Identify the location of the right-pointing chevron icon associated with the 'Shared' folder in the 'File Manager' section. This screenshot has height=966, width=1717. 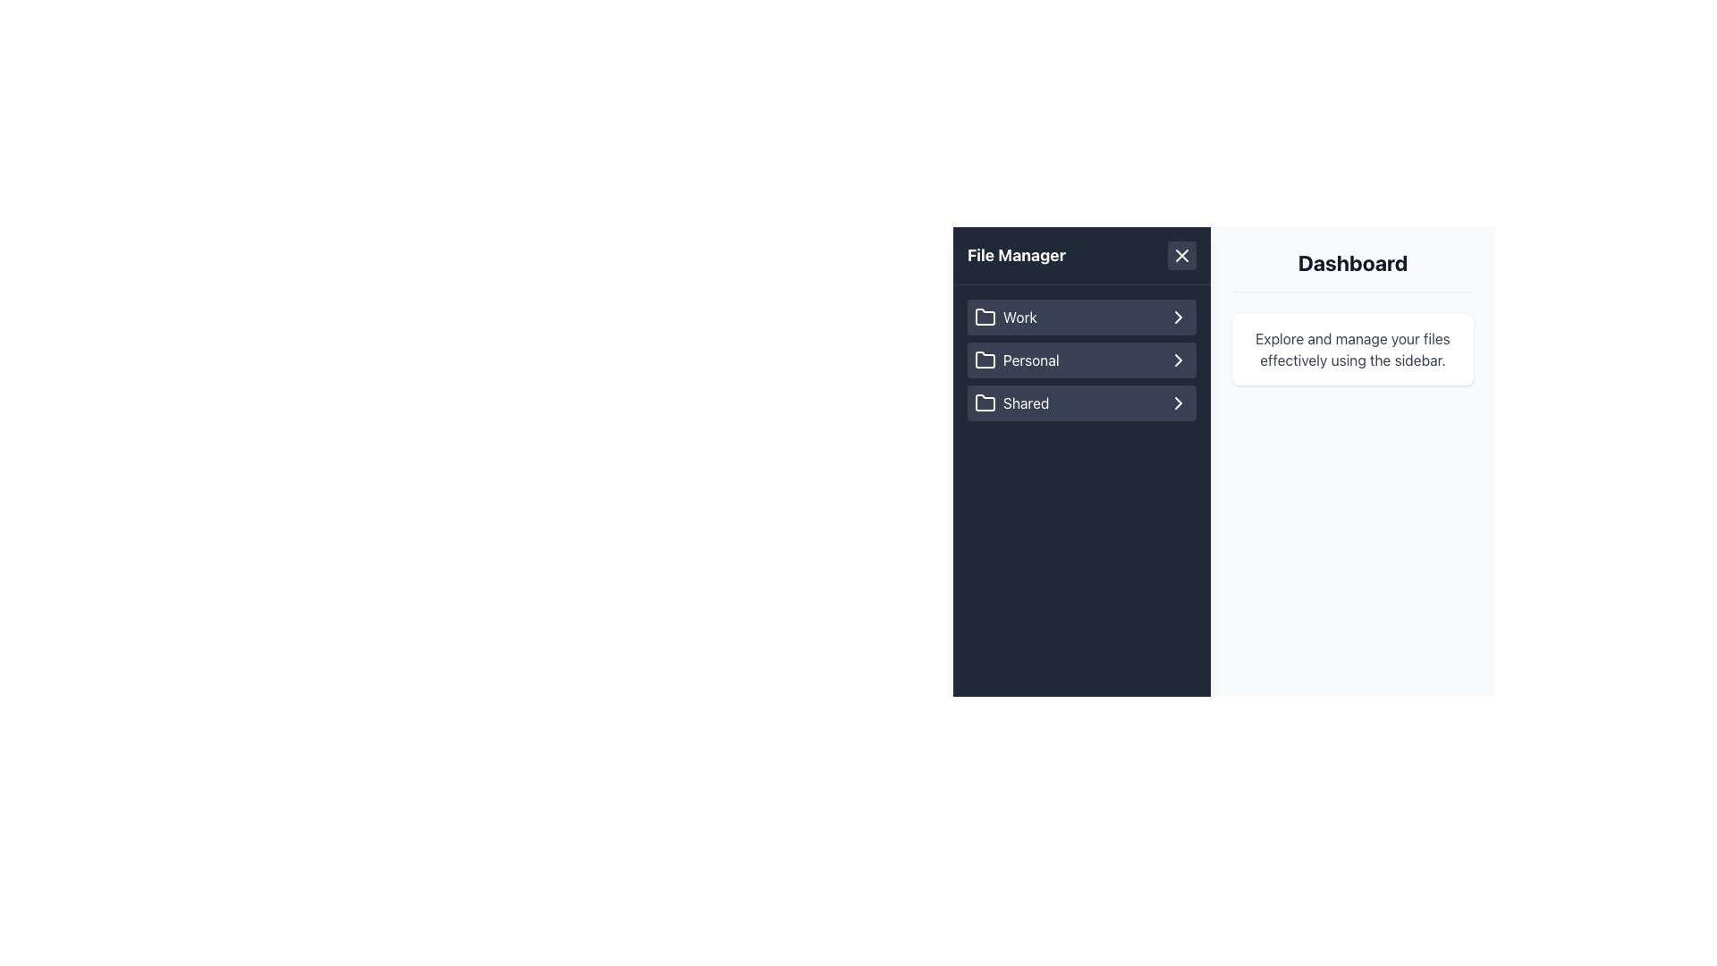
(1179, 403).